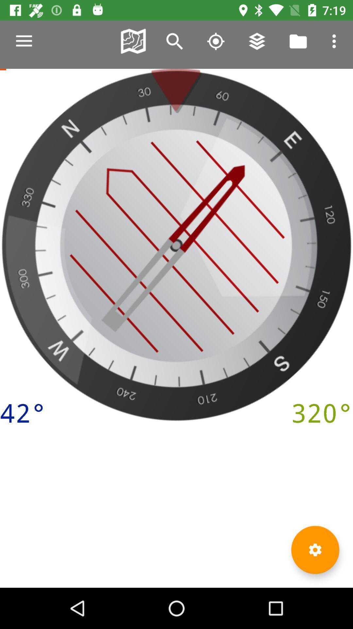 The height and width of the screenshot is (629, 353). I want to click on the option which is on left of the search icon, so click(133, 41).